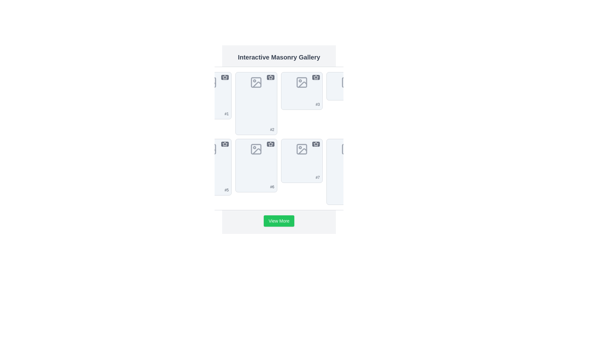  What do you see at coordinates (316, 77) in the screenshot?
I see `the rating icon located at the top right corner of the third item in the masonry gallery layout` at bounding box center [316, 77].